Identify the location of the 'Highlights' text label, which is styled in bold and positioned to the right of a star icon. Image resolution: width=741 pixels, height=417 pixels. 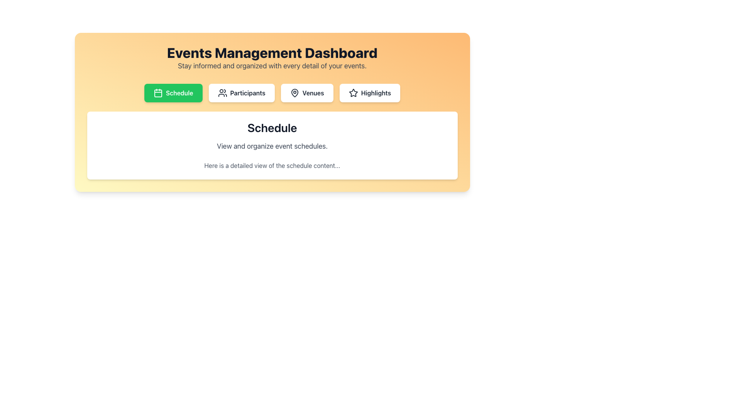
(376, 92).